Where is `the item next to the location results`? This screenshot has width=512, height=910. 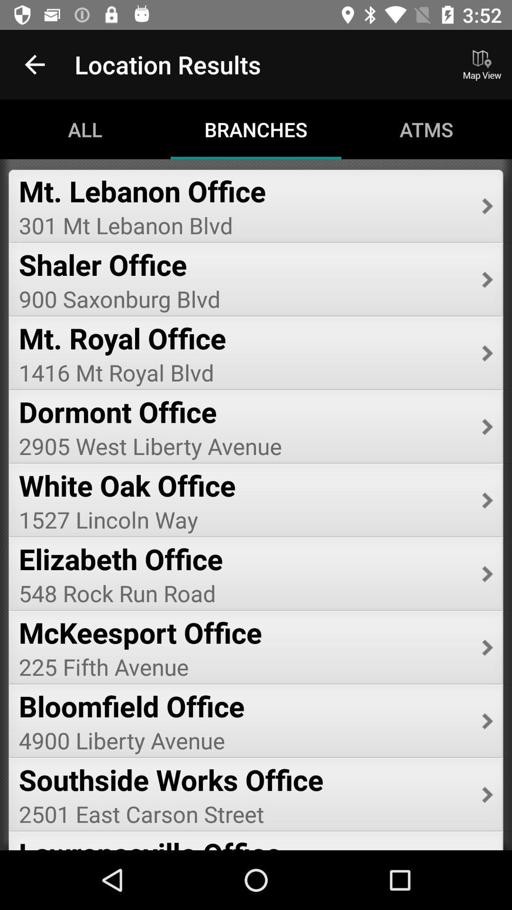 the item next to the location results is located at coordinates (34, 64).